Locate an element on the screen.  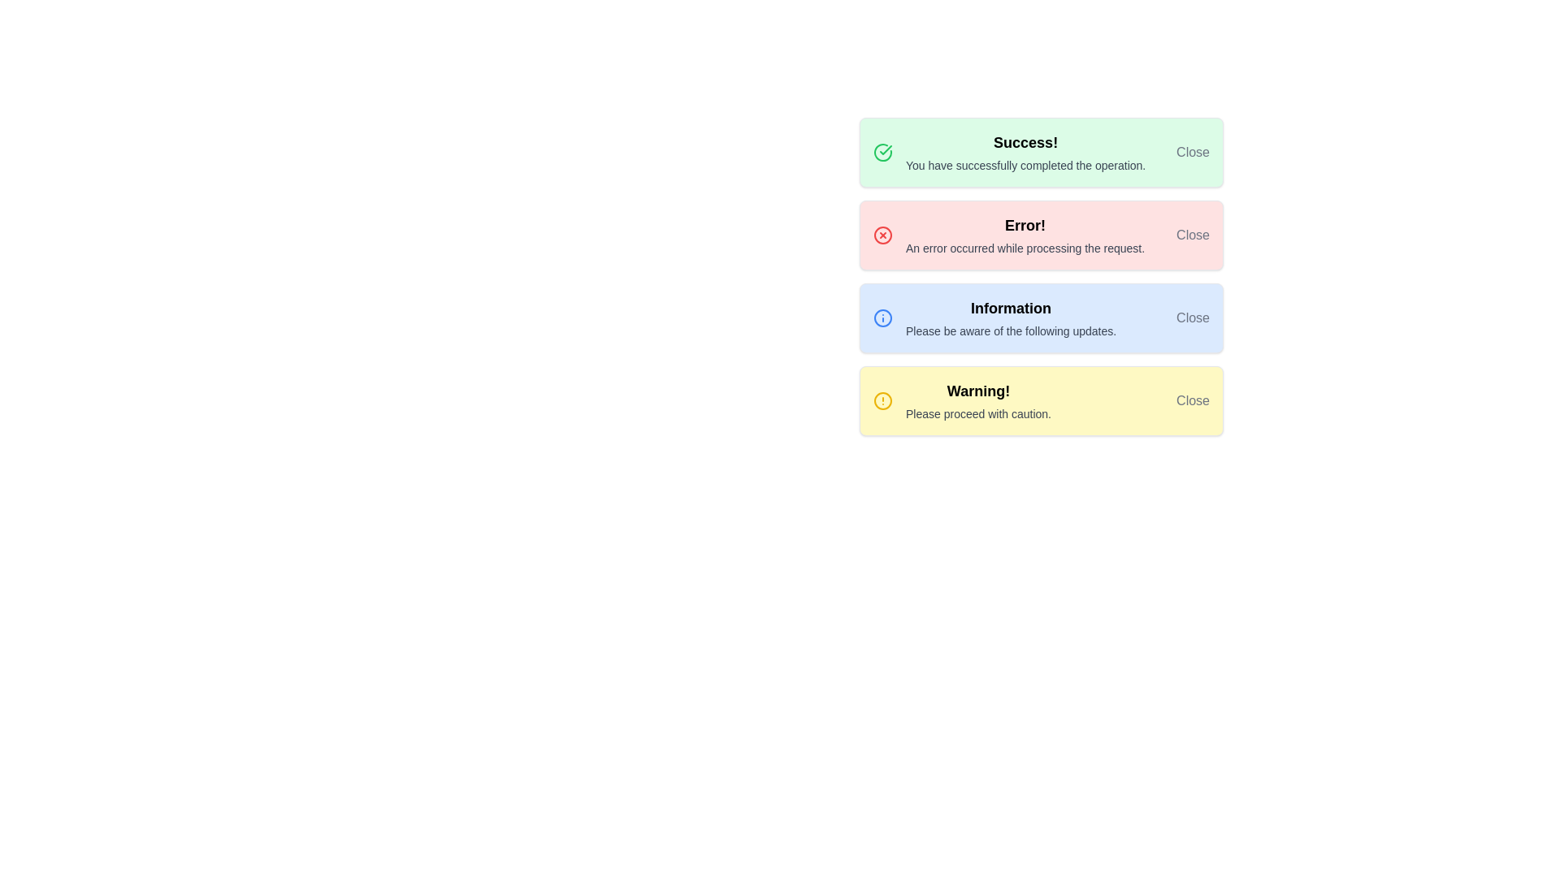
error message displayed in smaller gray text that states 'An error occurred while processing the request.' It is located within a red error message box, below the title 'Error!' is located at coordinates (1025, 248).